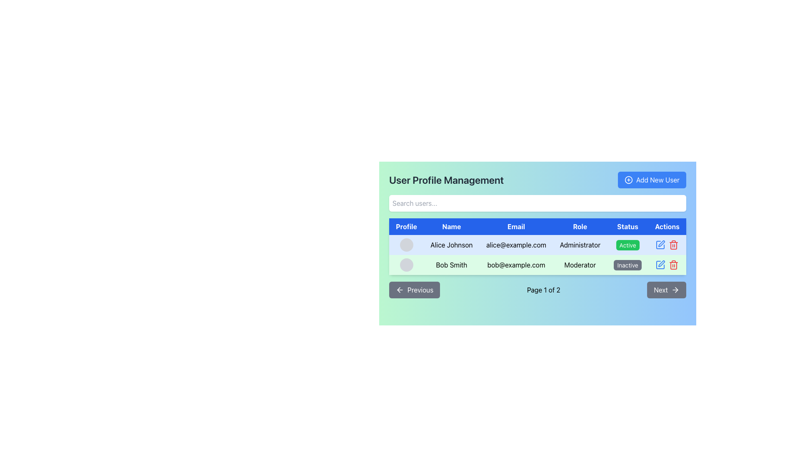 This screenshot has width=800, height=450. What do you see at coordinates (543, 289) in the screenshot?
I see `the text label displaying 'Page 1 of 2' located in the pagination section between the 'Previous' and 'Next' buttons` at bounding box center [543, 289].